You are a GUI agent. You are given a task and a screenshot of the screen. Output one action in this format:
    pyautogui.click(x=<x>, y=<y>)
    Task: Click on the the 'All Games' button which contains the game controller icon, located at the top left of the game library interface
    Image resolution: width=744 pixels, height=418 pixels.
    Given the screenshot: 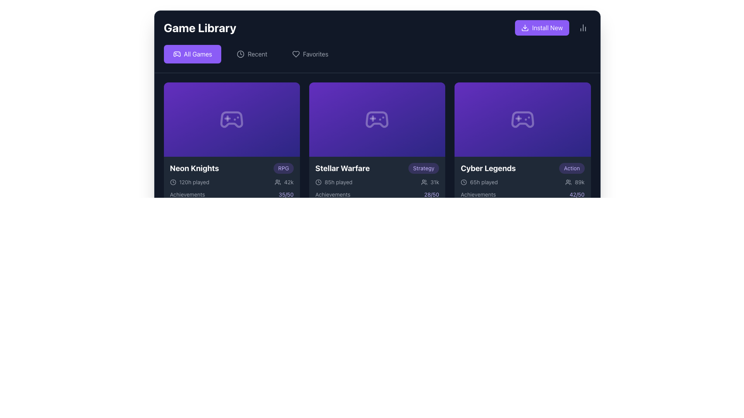 What is the action you would take?
    pyautogui.click(x=176, y=53)
    